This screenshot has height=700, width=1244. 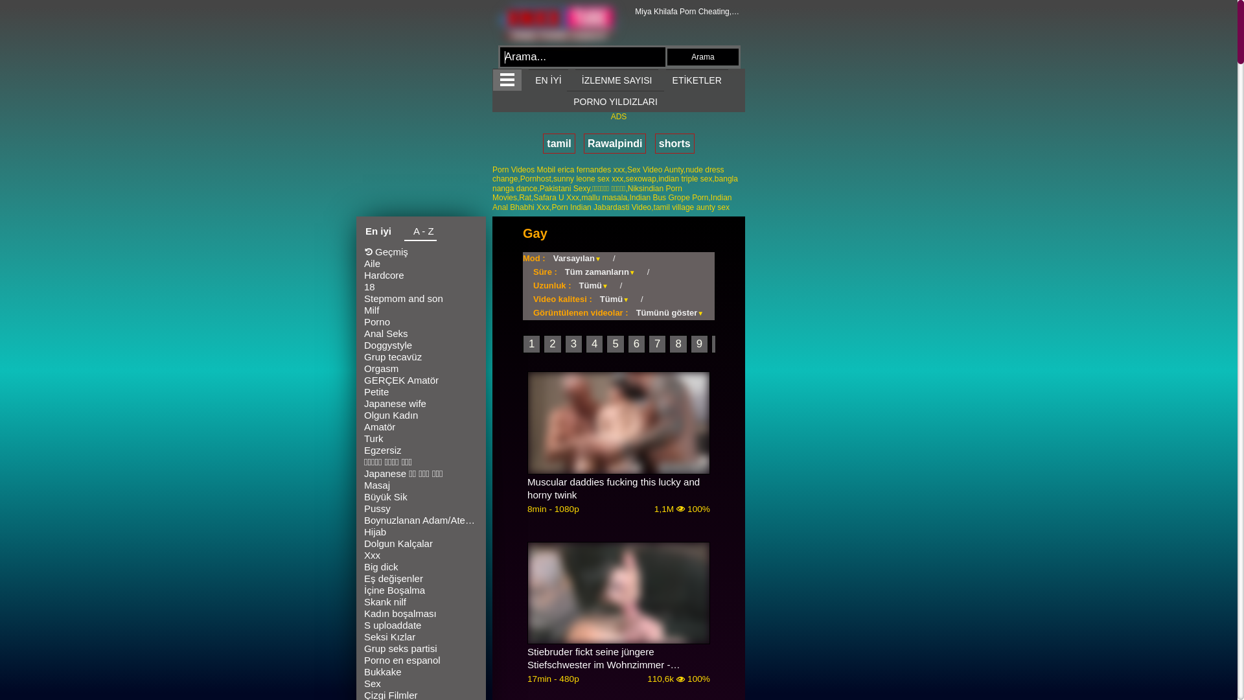 What do you see at coordinates (420, 566) in the screenshot?
I see `'Big dick'` at bounding box center [420, 566].